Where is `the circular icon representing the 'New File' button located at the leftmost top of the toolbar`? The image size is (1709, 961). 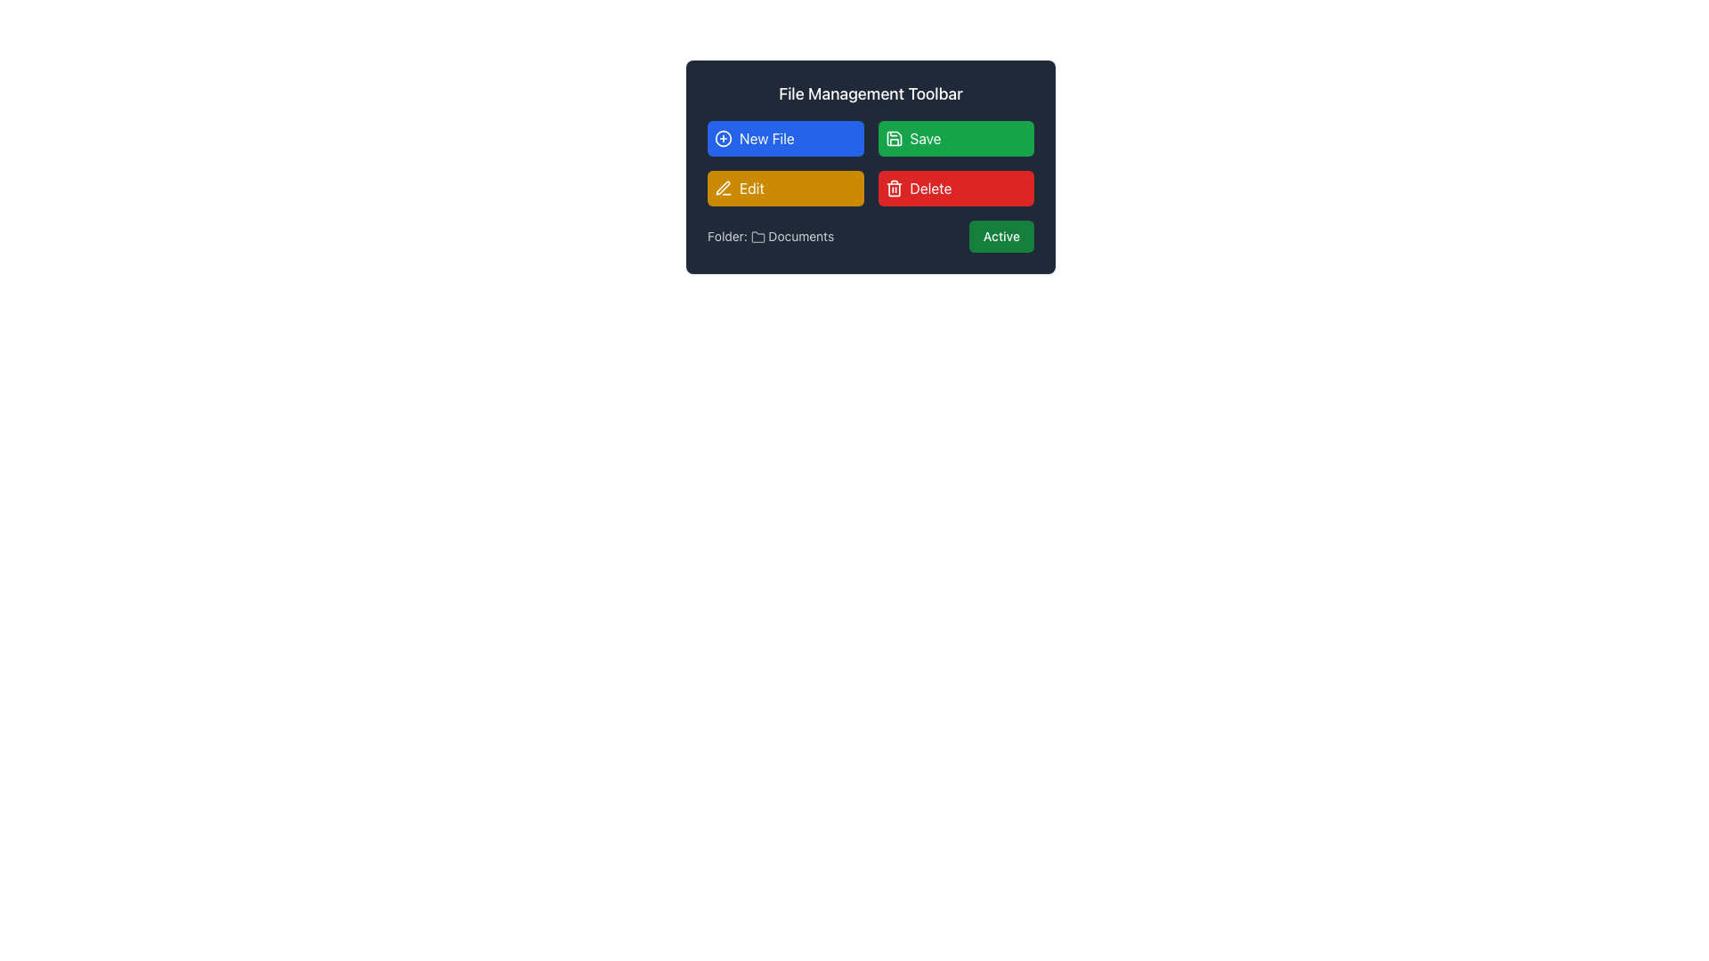
the circular icon representing the 'New File' button located at the leftmost top of the toolbar is located at coordinates (723, 137).